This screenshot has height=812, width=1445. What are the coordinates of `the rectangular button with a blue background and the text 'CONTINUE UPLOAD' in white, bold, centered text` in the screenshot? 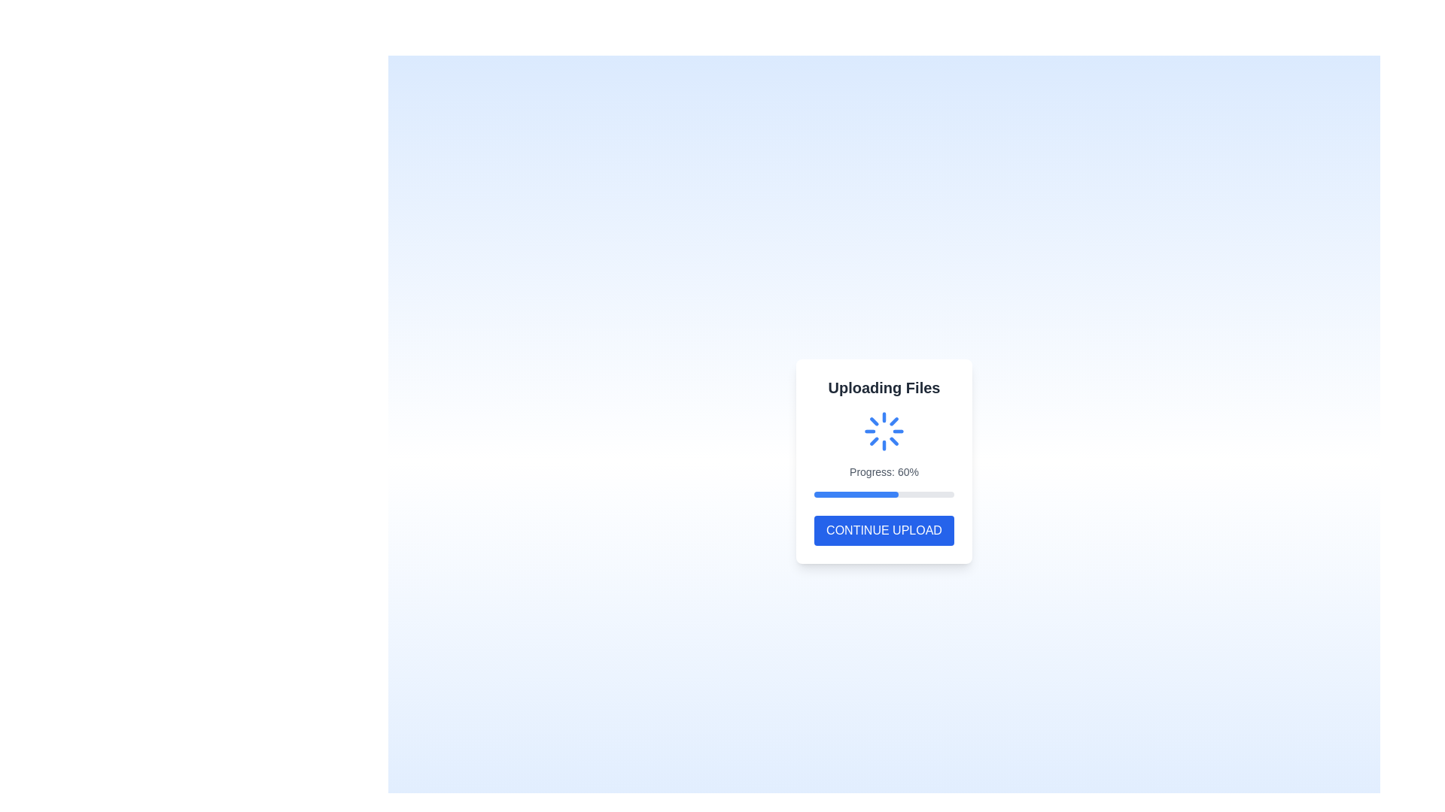 It's located at (884, 529).